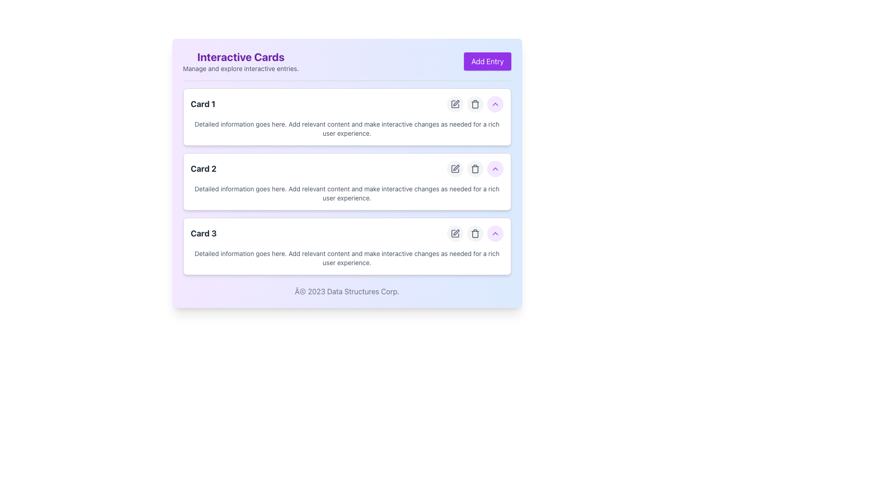  Describe the element at coordinates (346, 193) in the screenshot. I see `text content in the second card (Card 2) below its heading, which is styled in gray color and contains detailed information` at that location.